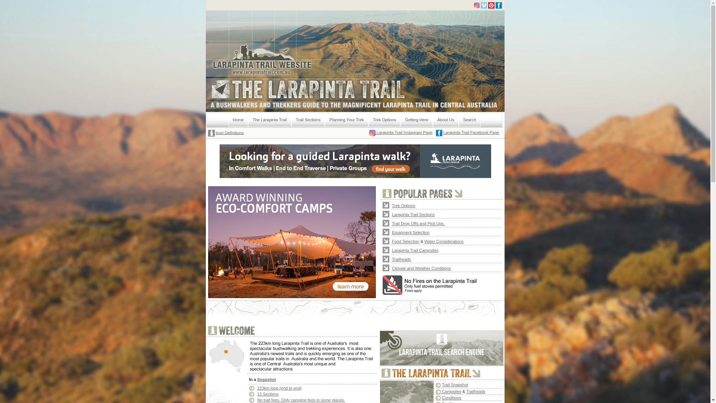 The width and height of the screenshot is (716, 403). I want to click on 'About Us', so click(446, 119).